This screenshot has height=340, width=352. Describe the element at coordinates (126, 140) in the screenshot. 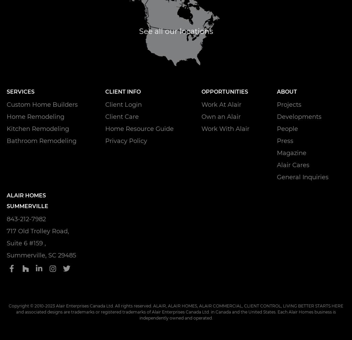

I see `'Privacy Policy'` at that location.